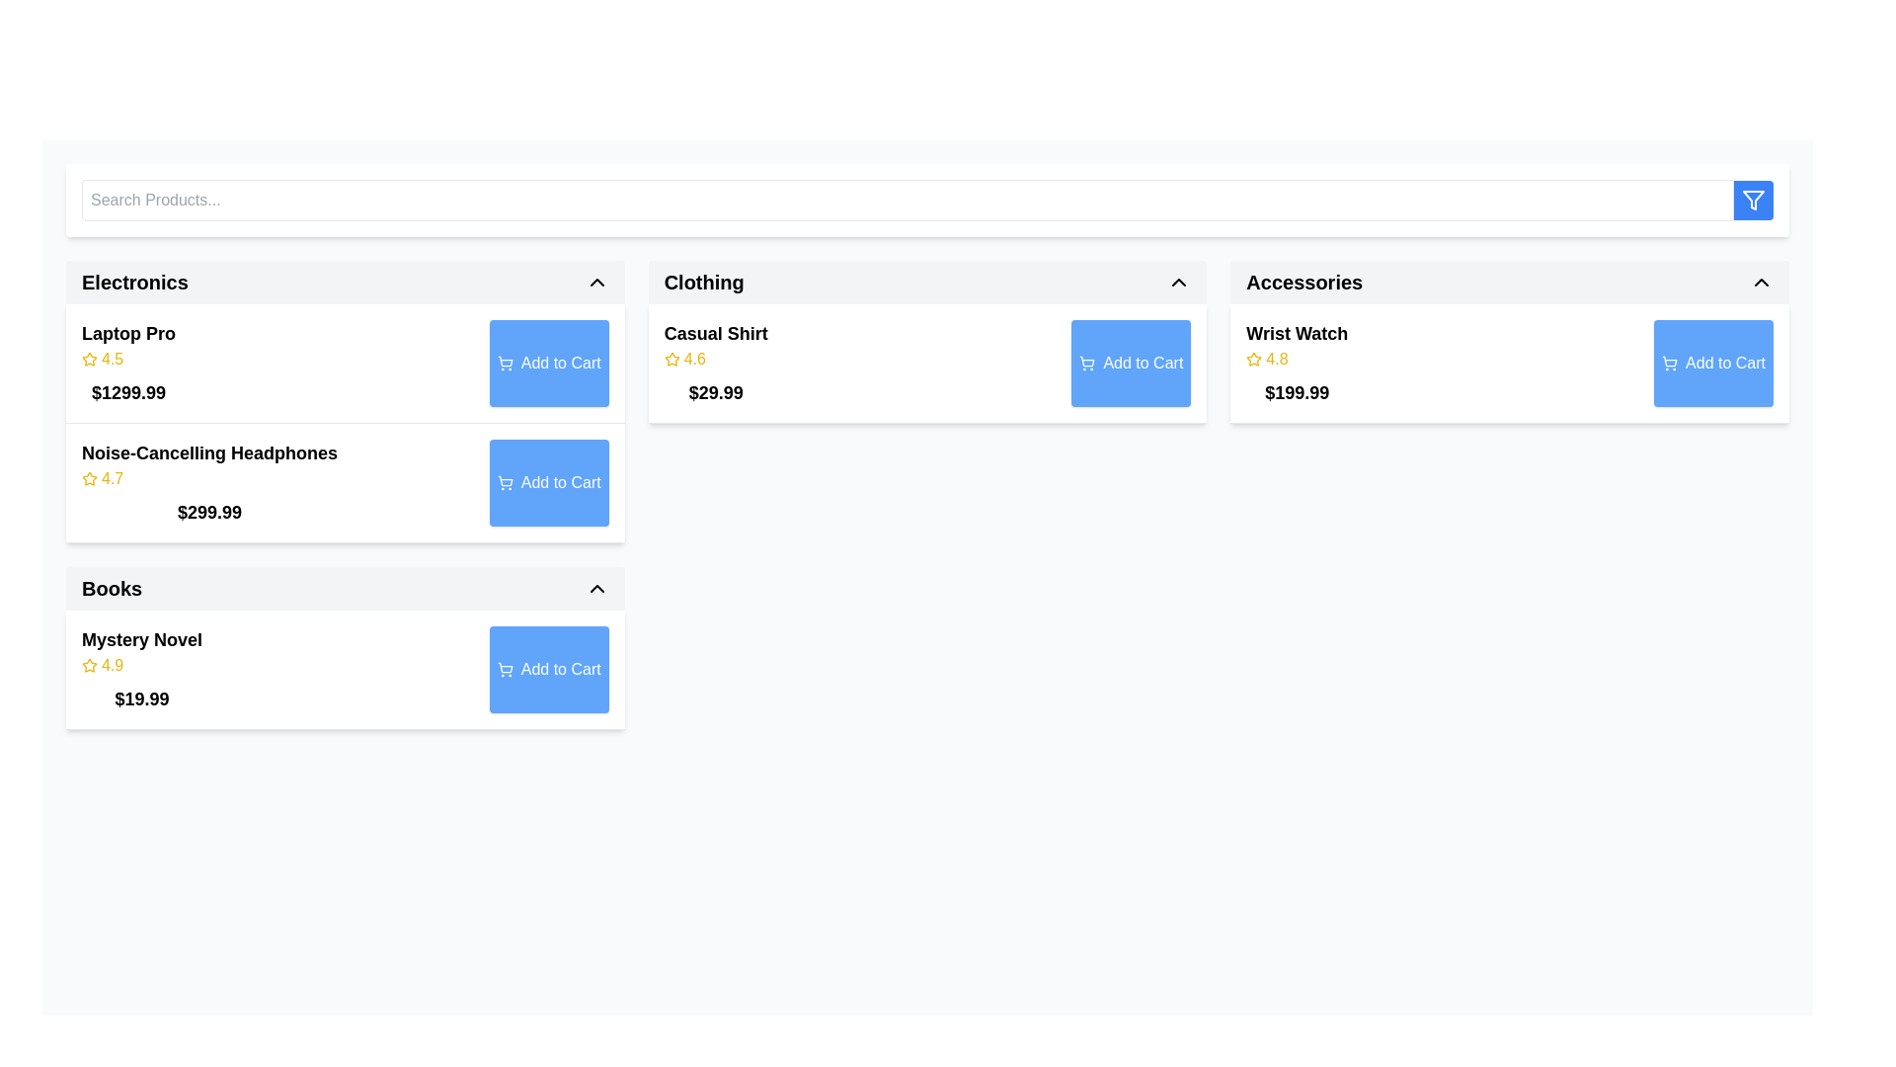 The image size is (1896, 1067). I want to click on the 'Add to Cart' button with a blue background and white text located in the 'Electronics' section under the 'Noise-Cancelling Headphones' product, so click(549, 483).